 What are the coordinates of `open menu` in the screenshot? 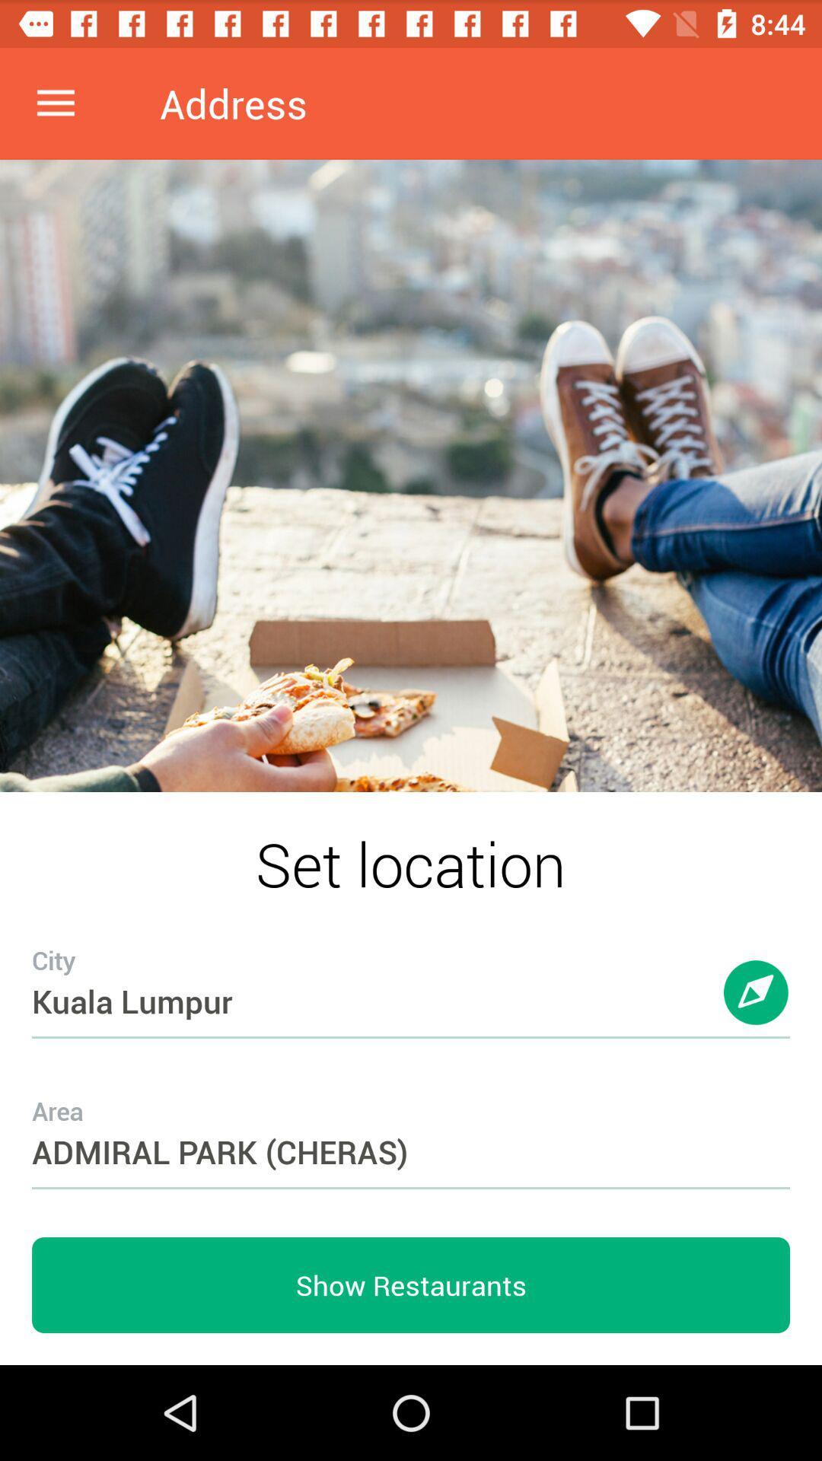 It's located at (55, 103).